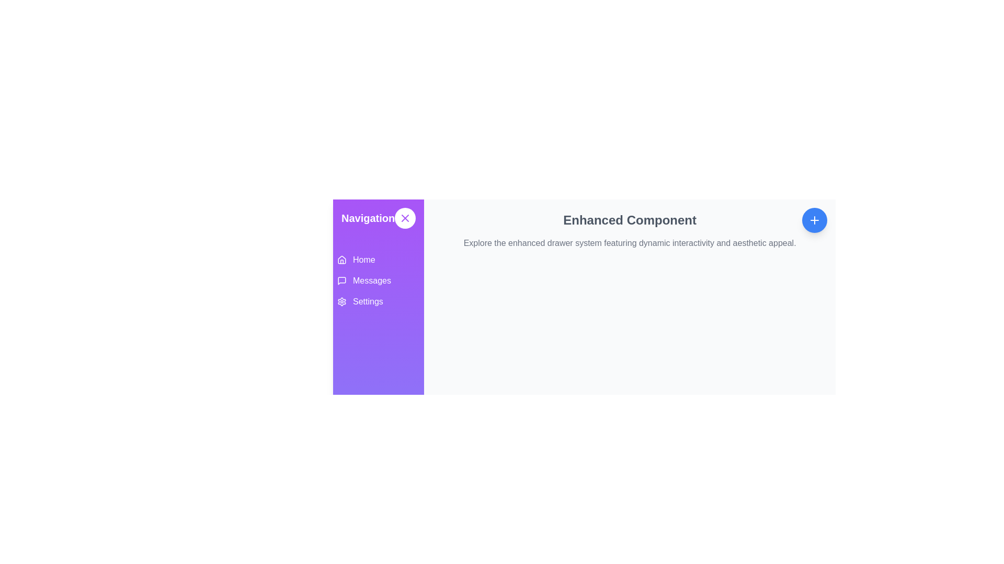  I want to click on the settings button located in the navigation sidebar, which is the third item in the vertical list, so click(378, 302).